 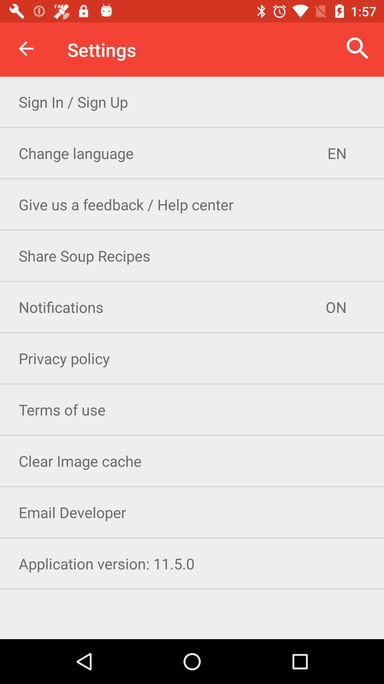 I want to click on terms of use icon, so click(x=192, y=409).